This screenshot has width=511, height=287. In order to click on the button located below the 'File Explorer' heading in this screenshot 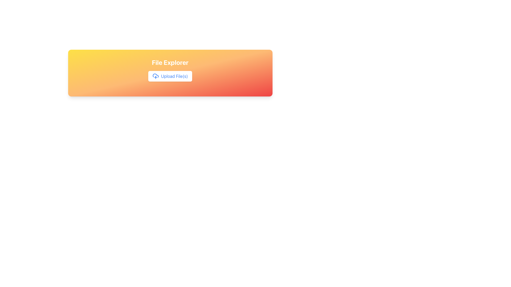, I will do `click(170, 76)`.